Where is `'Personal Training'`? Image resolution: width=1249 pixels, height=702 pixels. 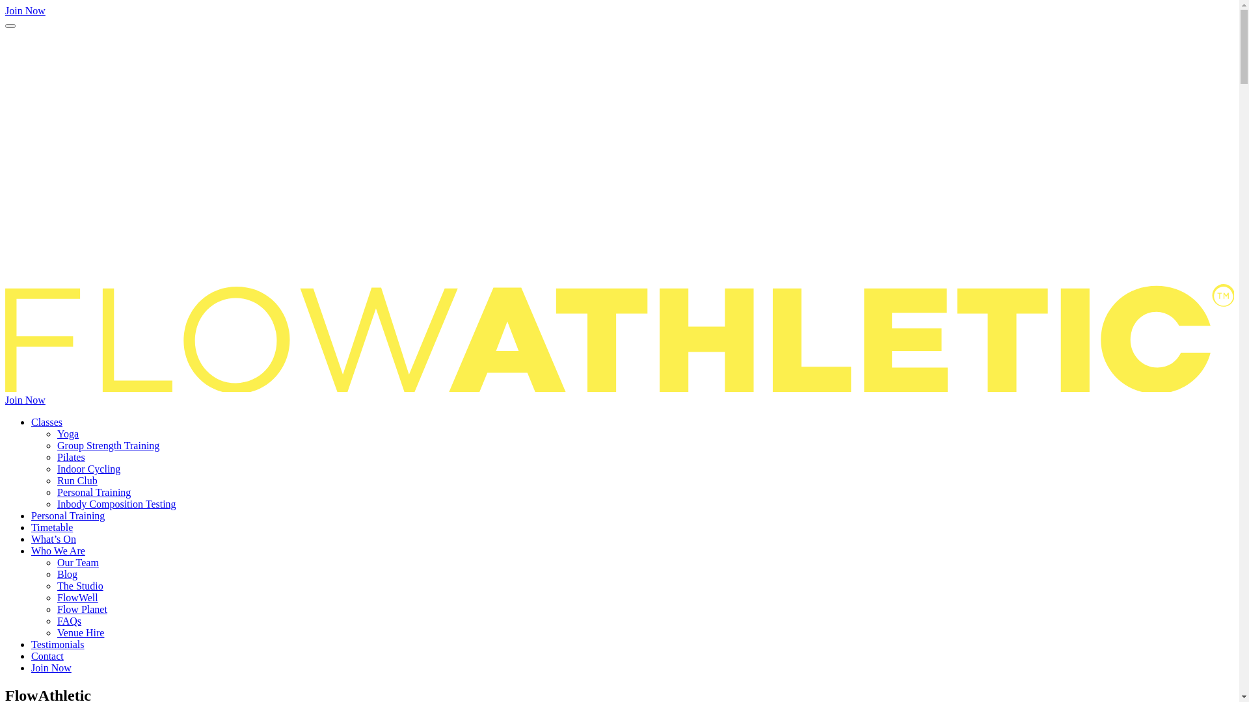
'Personal Training' is located at coordinates (67, 515).